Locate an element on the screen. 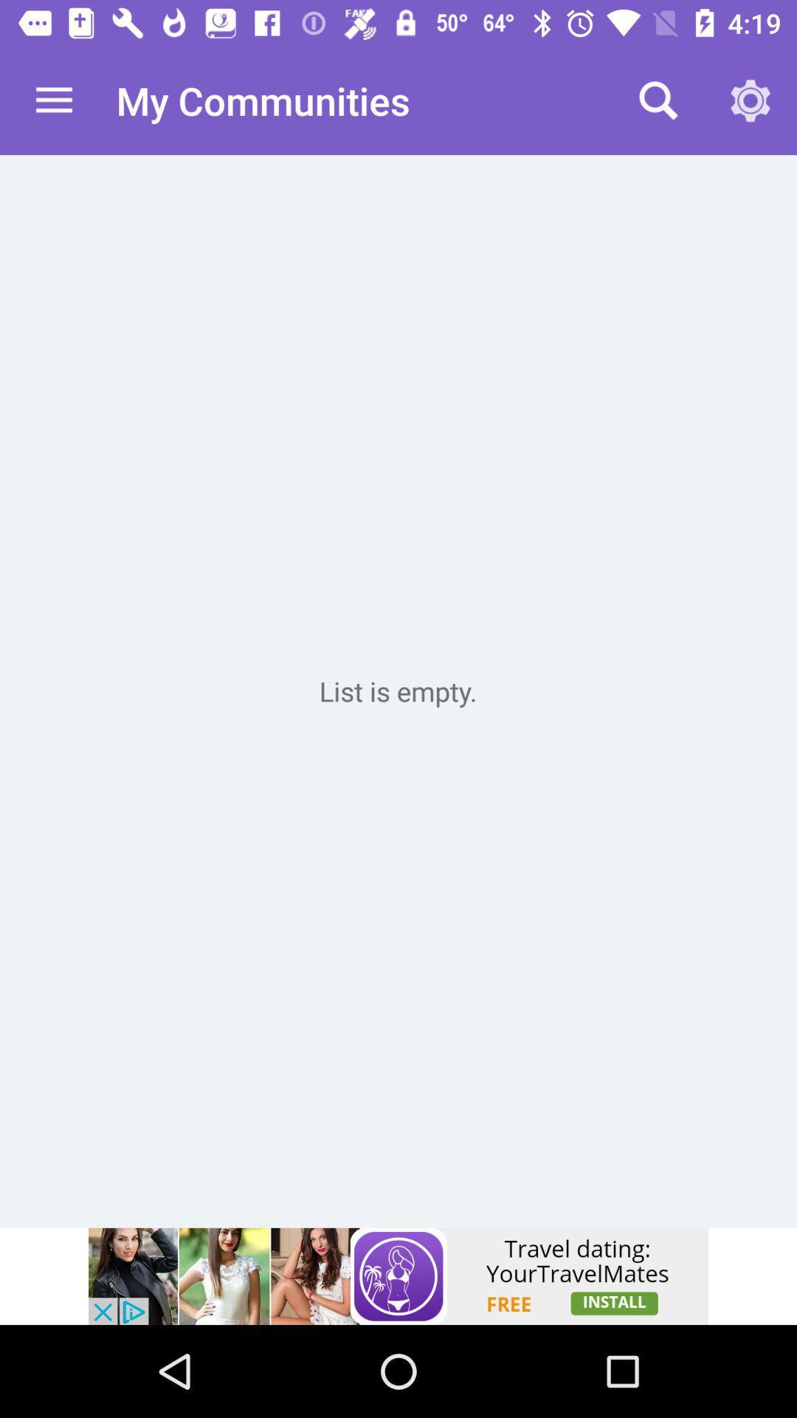 The width and height of the screenshot is (797, 1418). menu page is located at coordinates (398, 691).